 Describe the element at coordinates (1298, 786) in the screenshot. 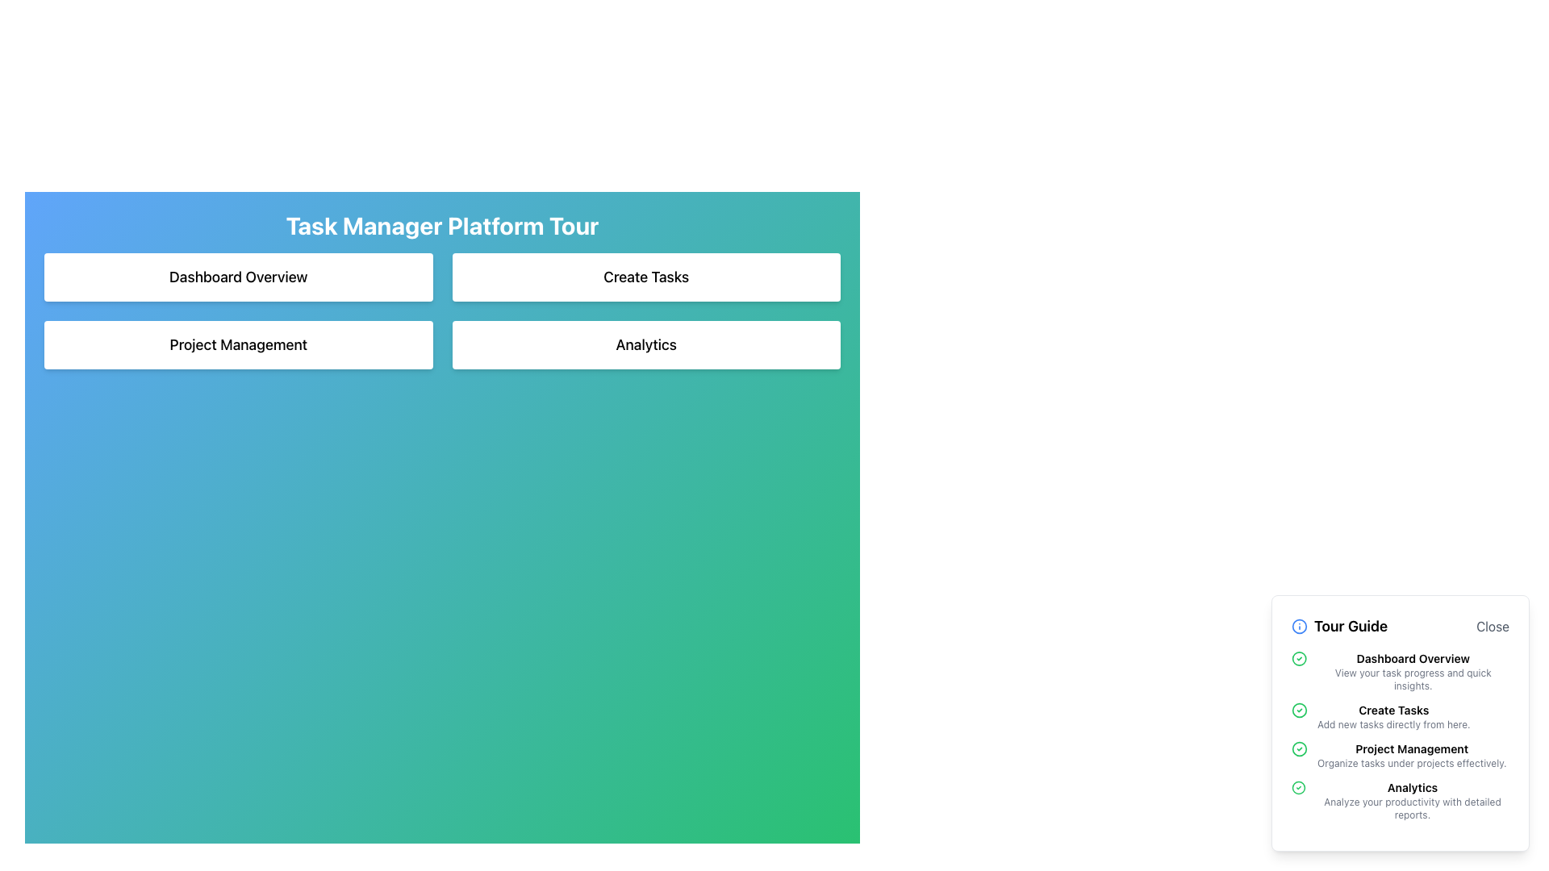

I see `the non-interactive status indicator icon for the 'Analytics' feature, located at the leftmost position of the 'Analytics' list item in the guide panel` at that location.